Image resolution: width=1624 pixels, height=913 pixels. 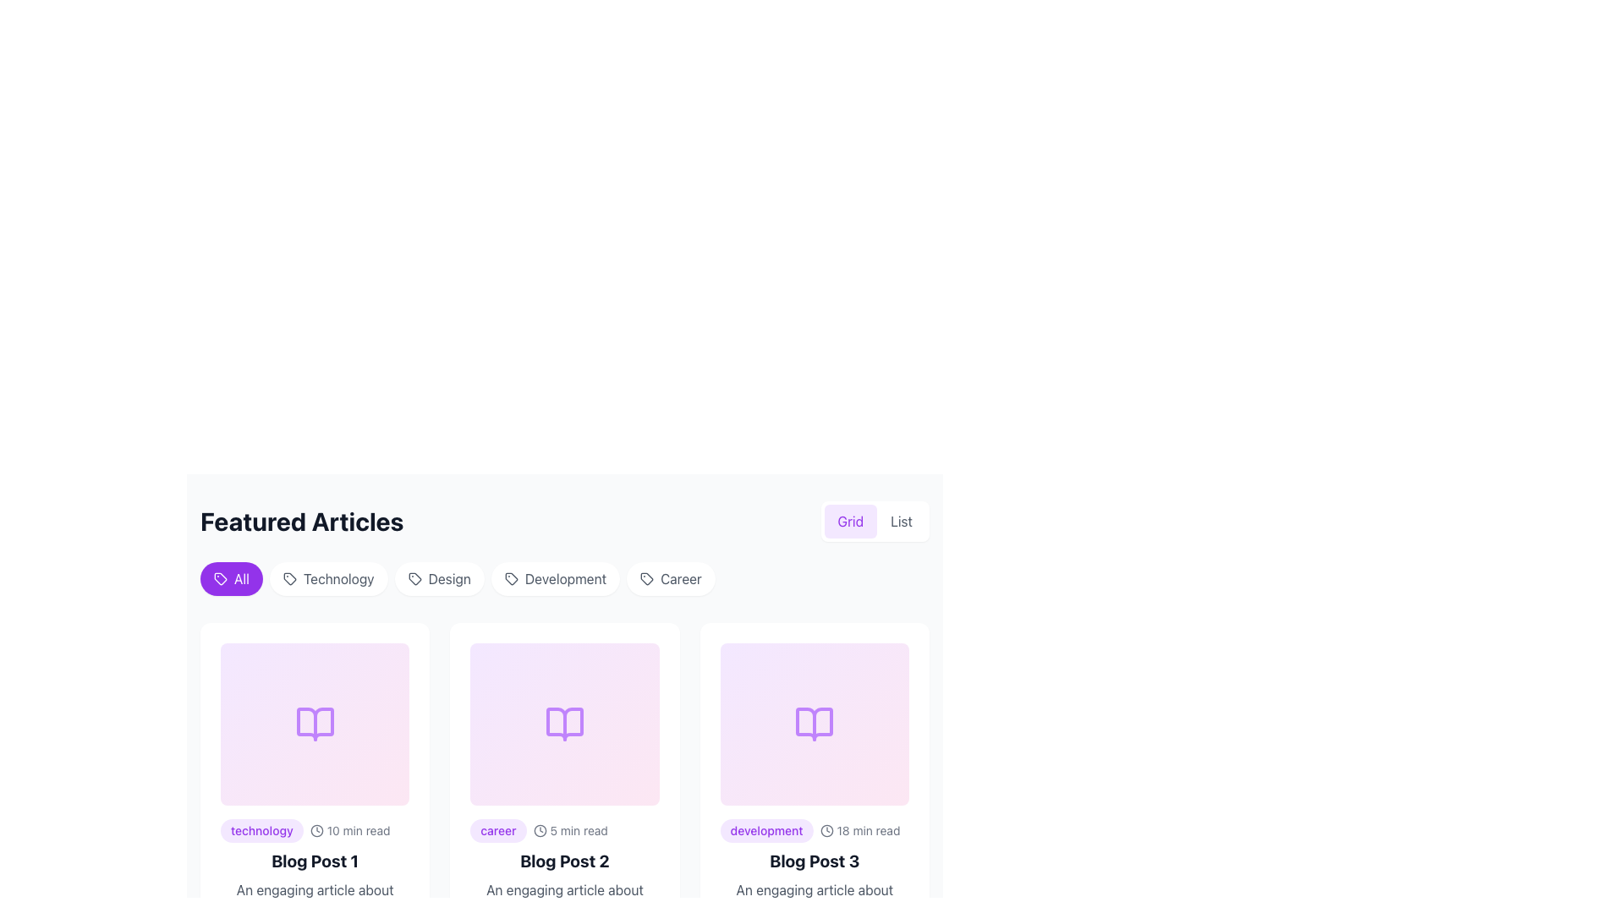 I want to click on the decorative icon enhancing the visual representation of the 'Design' filter button located on the left-hand side of the label text in the navigation bar for the 'Featured Articles' section, so click(x=414, y=578).